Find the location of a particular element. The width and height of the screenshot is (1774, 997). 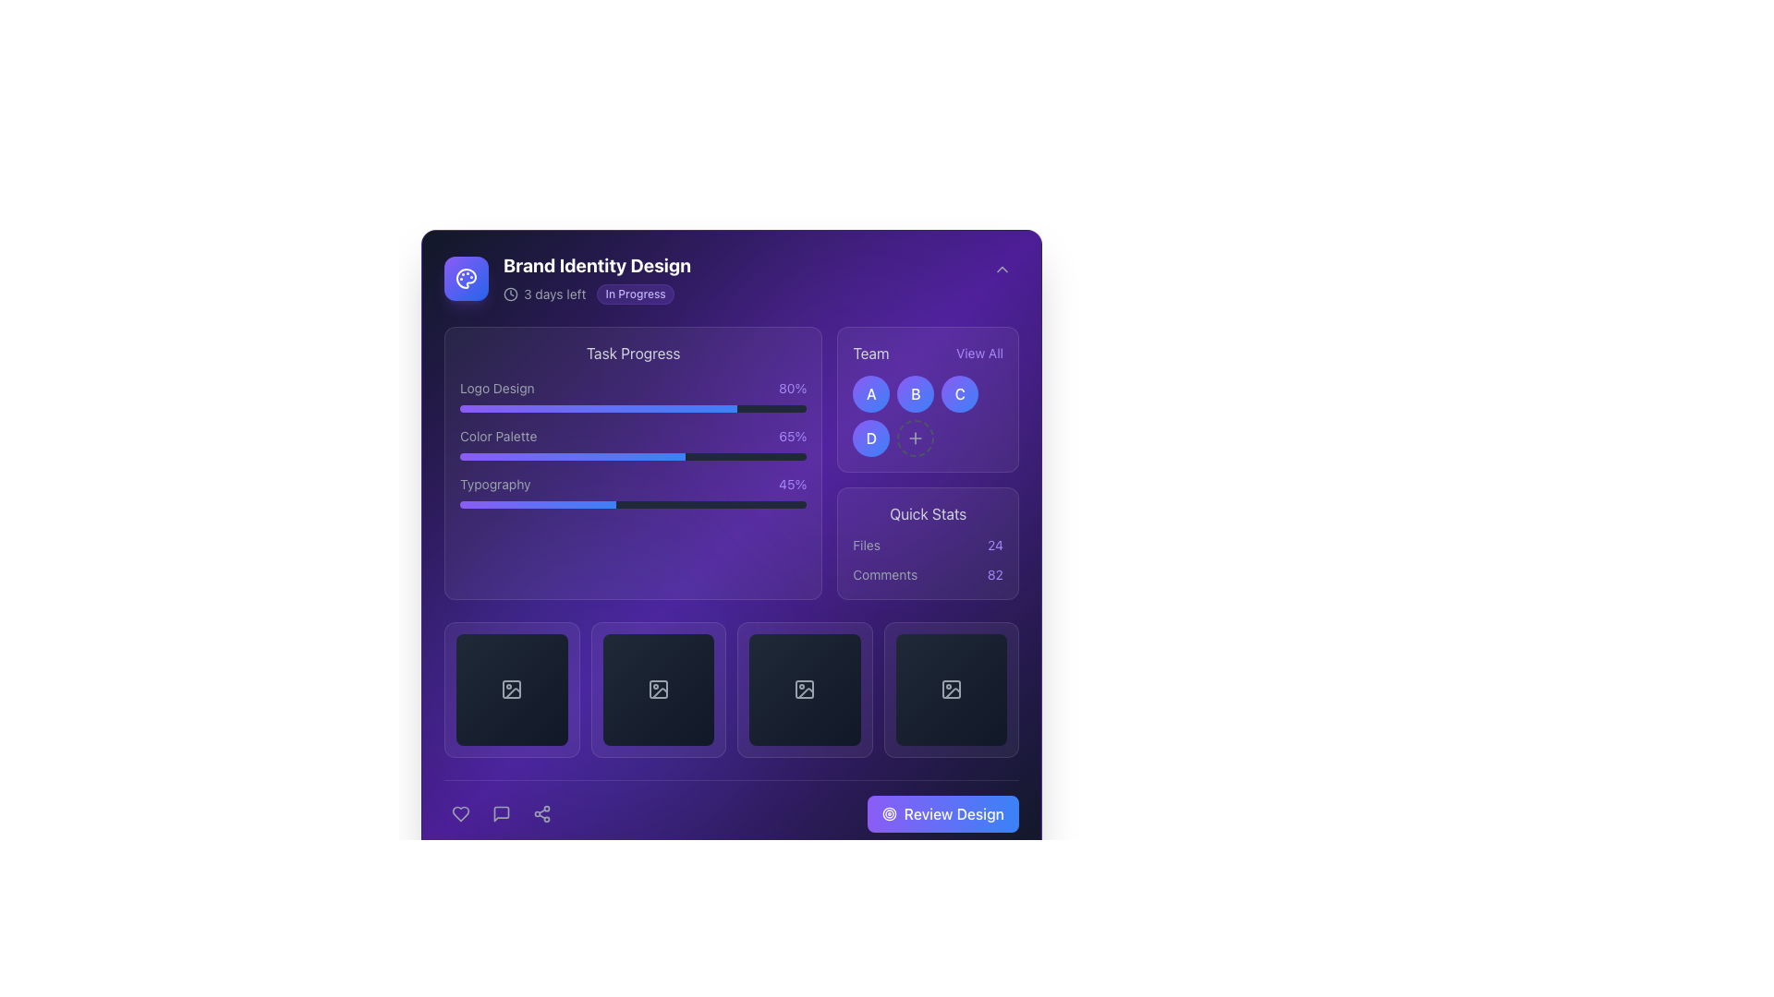

the first icon resembling a picture or image symbol, styled in light gray, located near the bottom-center of the design interface is located at coordinates (512, 690).